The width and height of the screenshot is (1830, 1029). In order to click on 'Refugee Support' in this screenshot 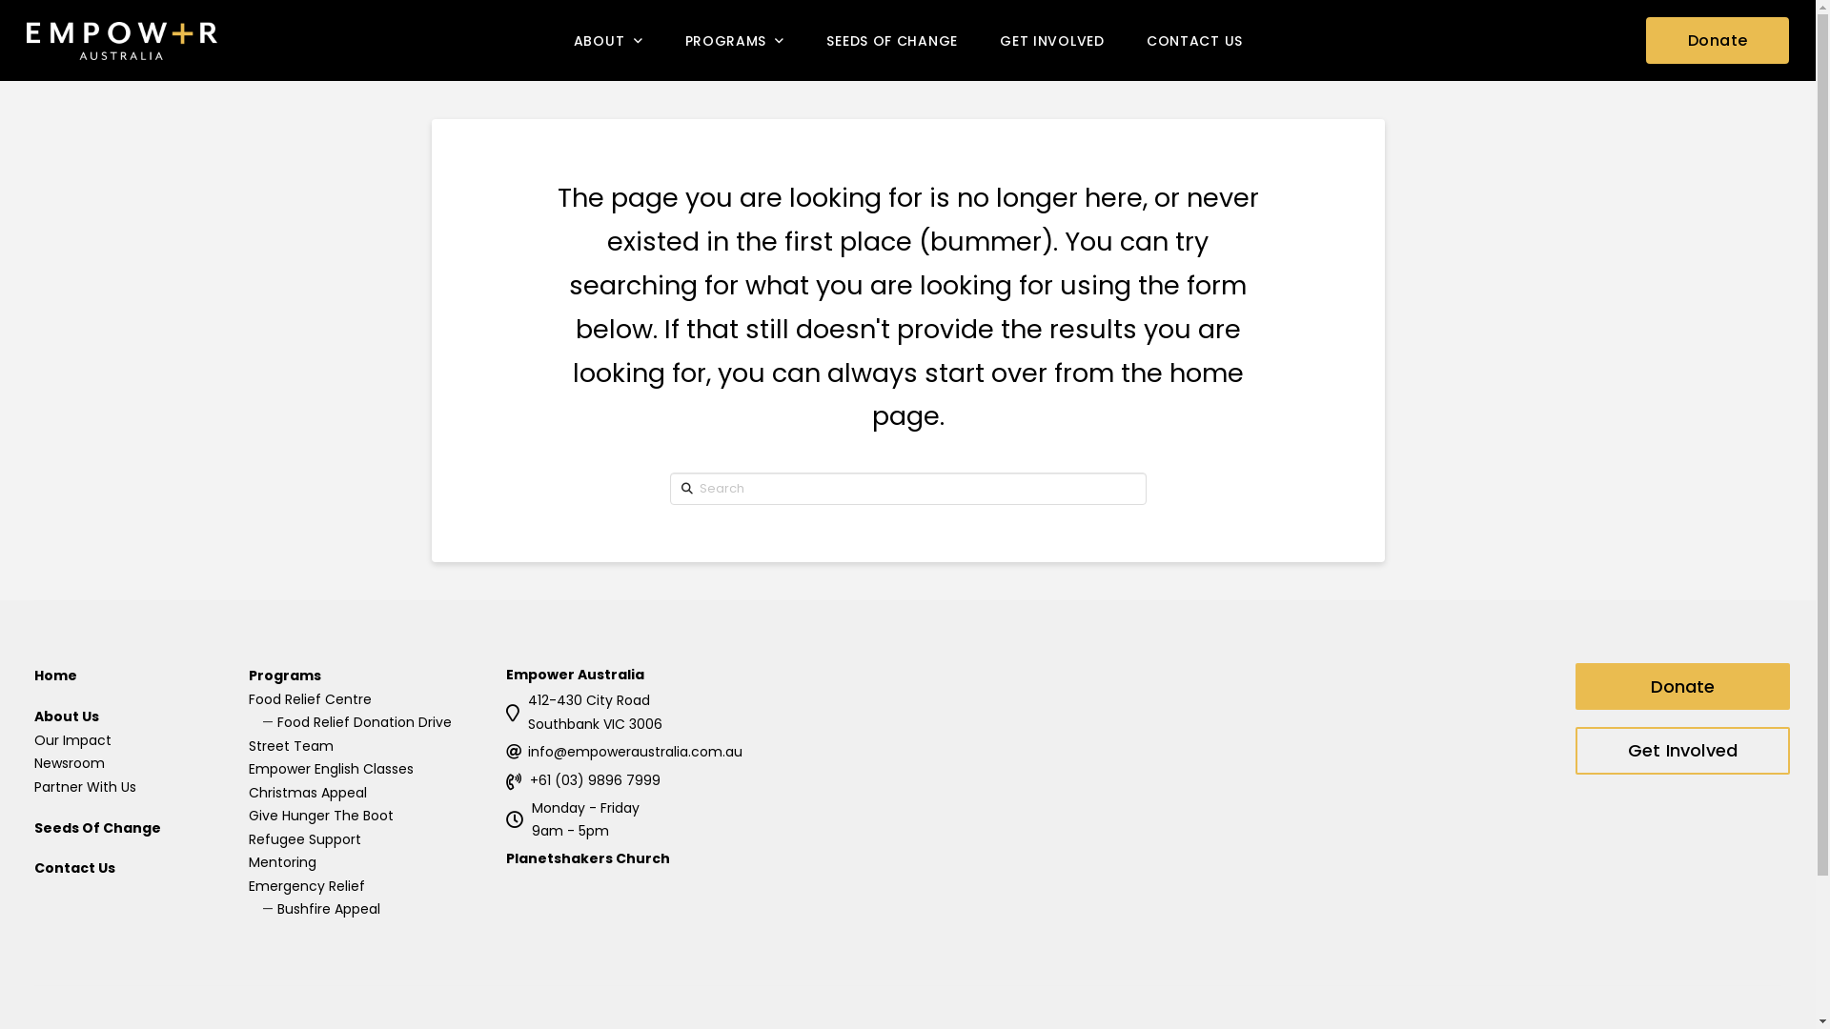, I will do `click(305, 837)`.